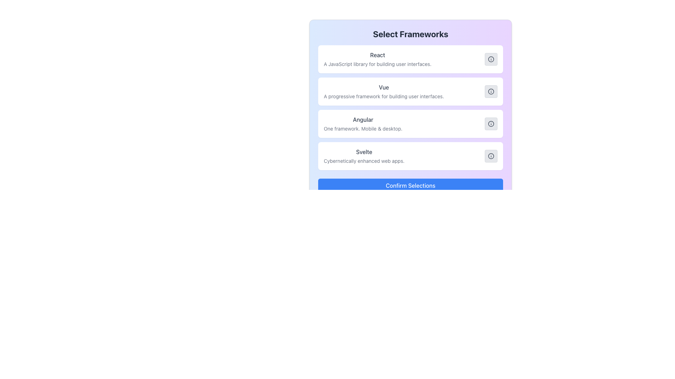  What do you see at coordinates (490, 155) in the screenshot?
I see `the Information Icon located adjacent to the 'Svelte' label` at bounding box center [490, 155].